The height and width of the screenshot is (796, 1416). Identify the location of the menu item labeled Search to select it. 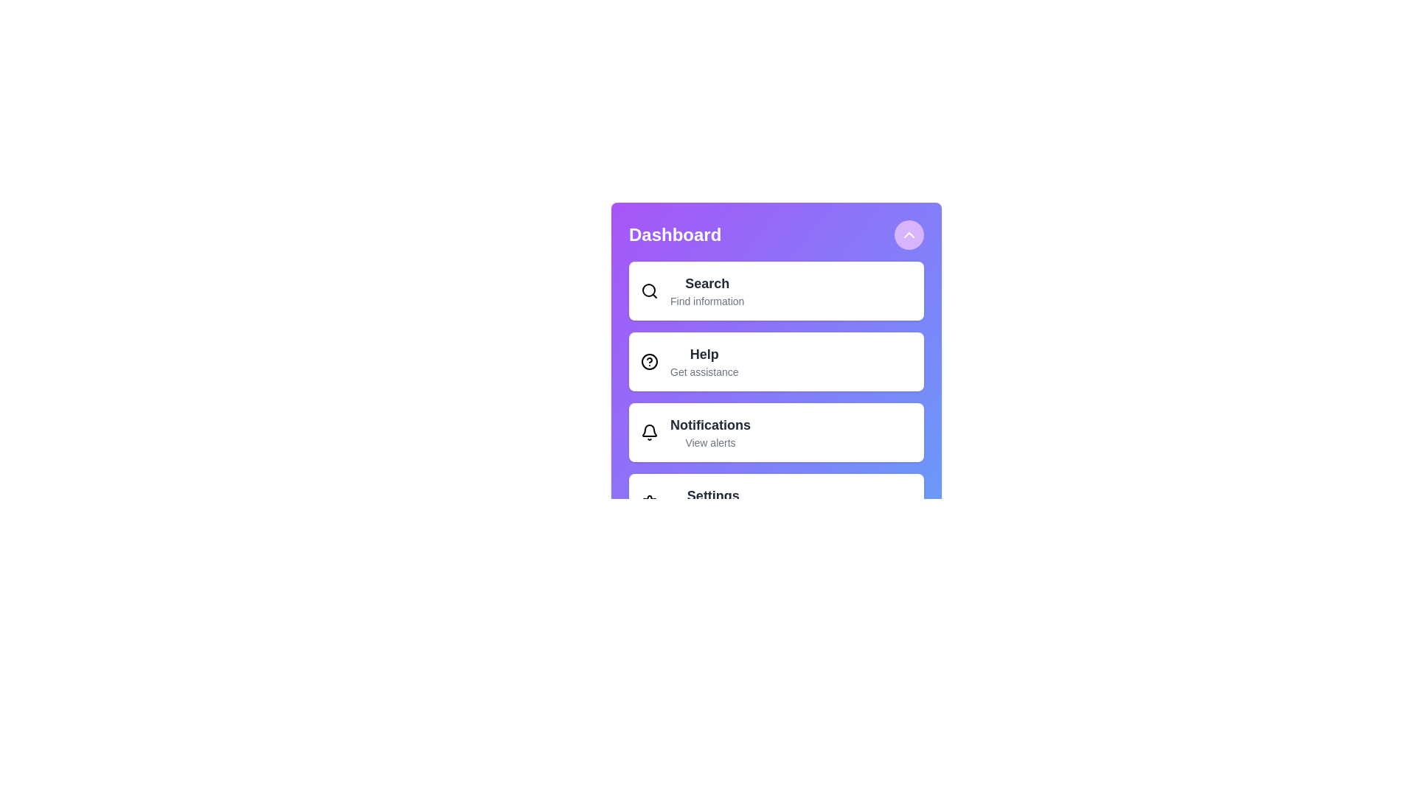
(775, 290).